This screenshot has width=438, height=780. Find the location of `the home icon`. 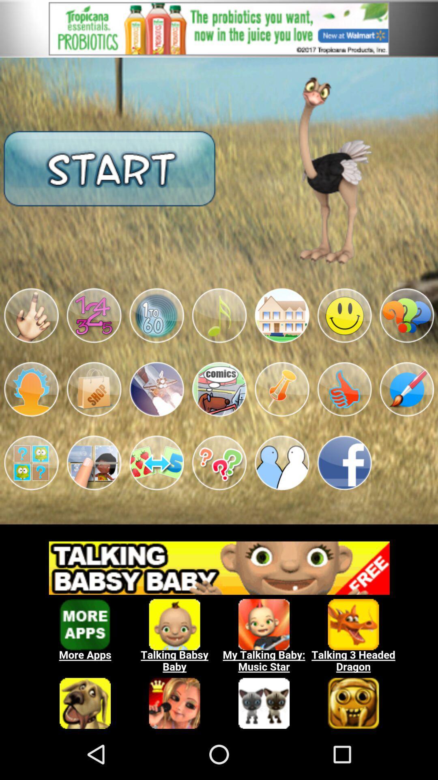

the home icon is located at coordinates (281, 338).